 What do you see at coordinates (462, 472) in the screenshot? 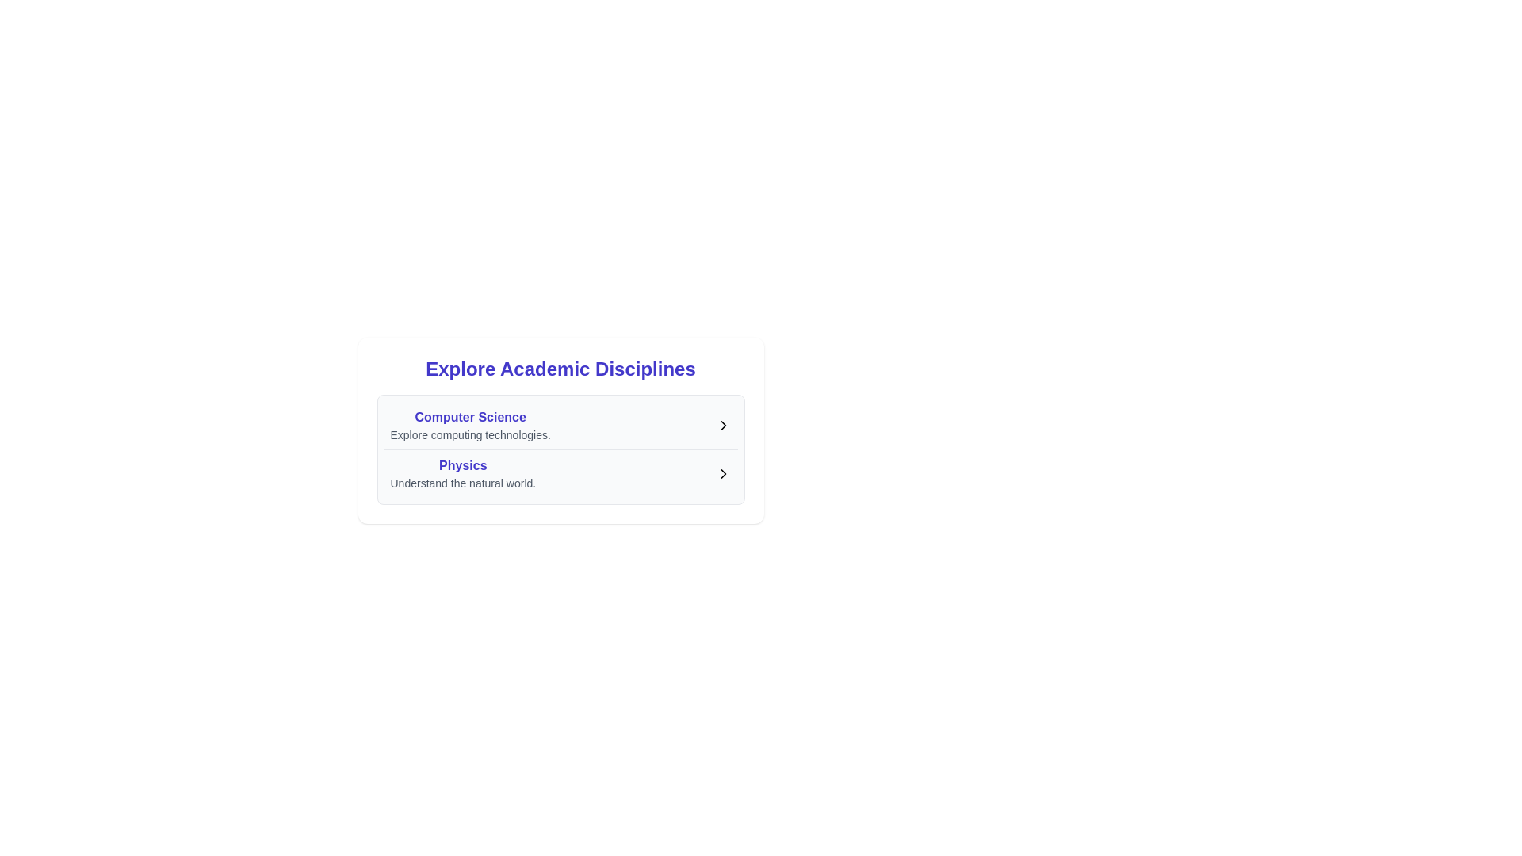
I see `the academic discipline represented` at bounding box center [462, 472].